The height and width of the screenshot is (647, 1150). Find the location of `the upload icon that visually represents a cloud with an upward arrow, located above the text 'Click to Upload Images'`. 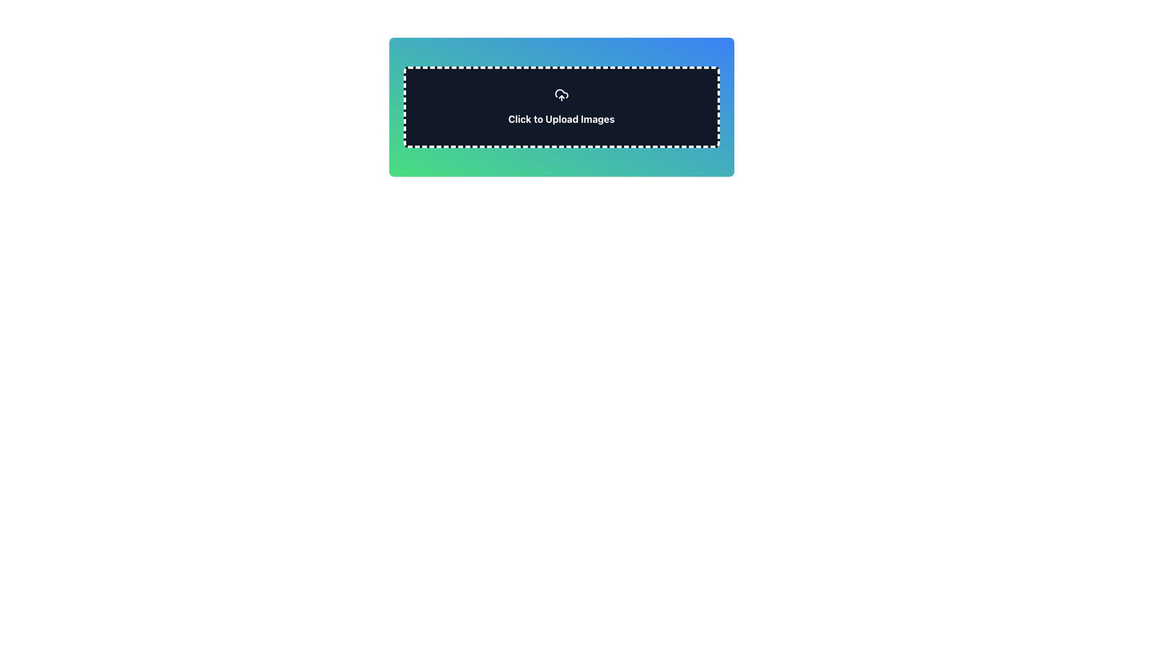

the upload icon that visually represents a cloud with an upward arrow, located above the text 'Click to Upload Images' is located at coordinates (561, 94).